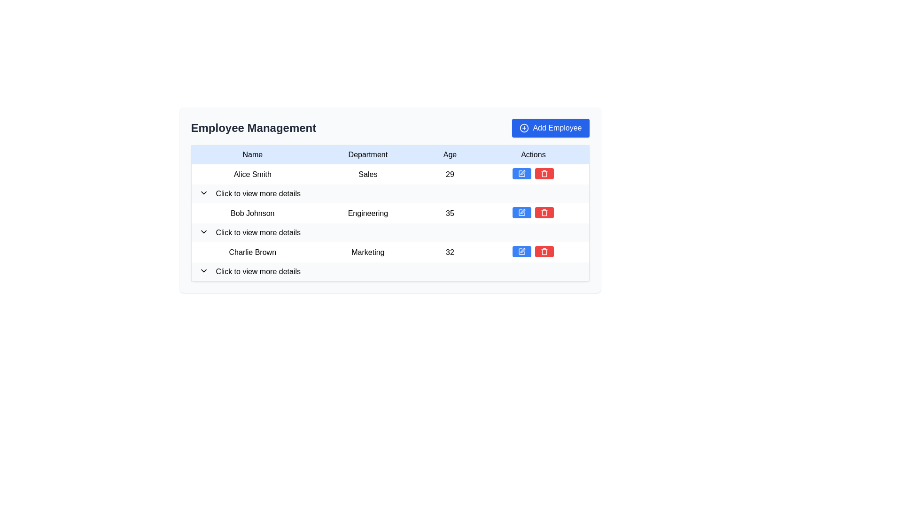 The width and height of the screenshot is (902, 507). Describe the element at coordinates (258, 193) in the screenshot. I see `textual link that says 'Click to view more details', located in the second row of the table under the 'Name' column, aligned with the 'Alice Smith' entry` at that location.